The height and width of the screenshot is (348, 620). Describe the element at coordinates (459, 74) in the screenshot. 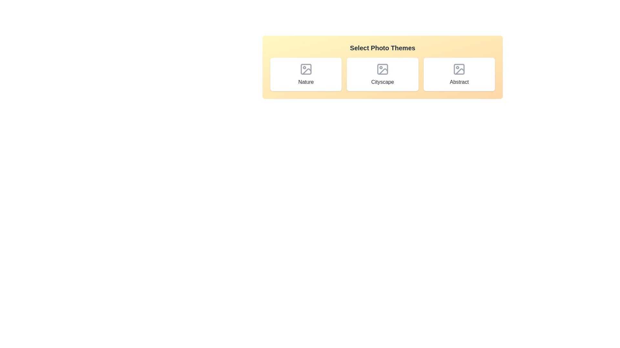

I see `the Abstract photo theme chip` at that location.